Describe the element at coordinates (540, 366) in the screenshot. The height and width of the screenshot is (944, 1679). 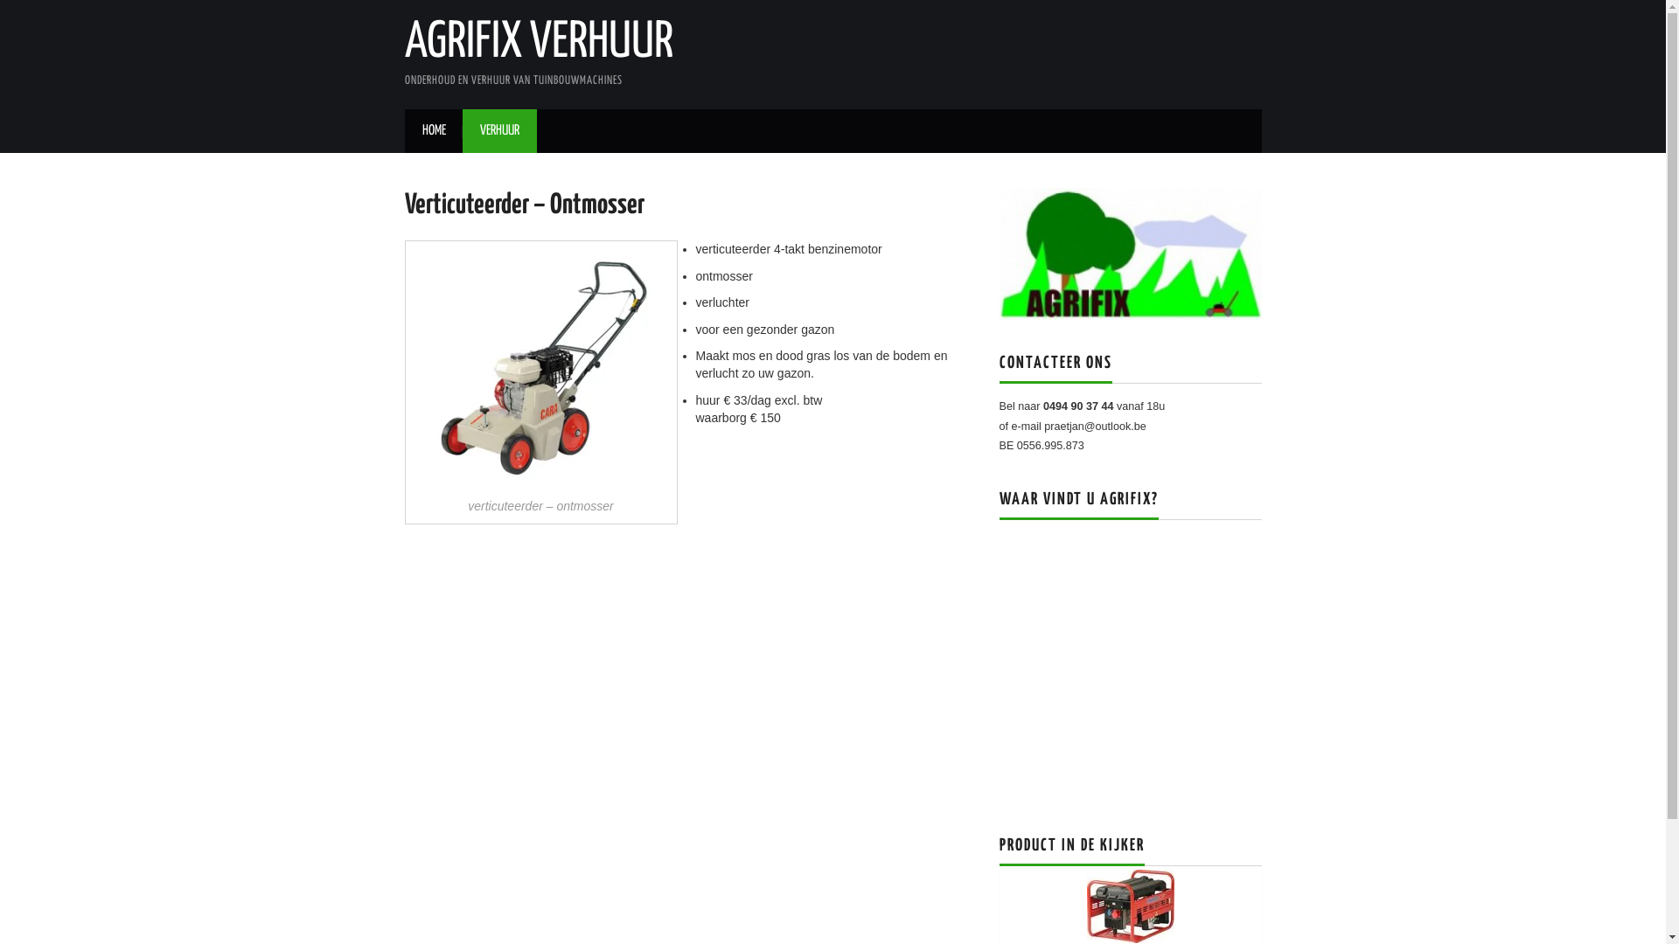
I see `'Verticuteerder - ontmosser te huur'` at that location.